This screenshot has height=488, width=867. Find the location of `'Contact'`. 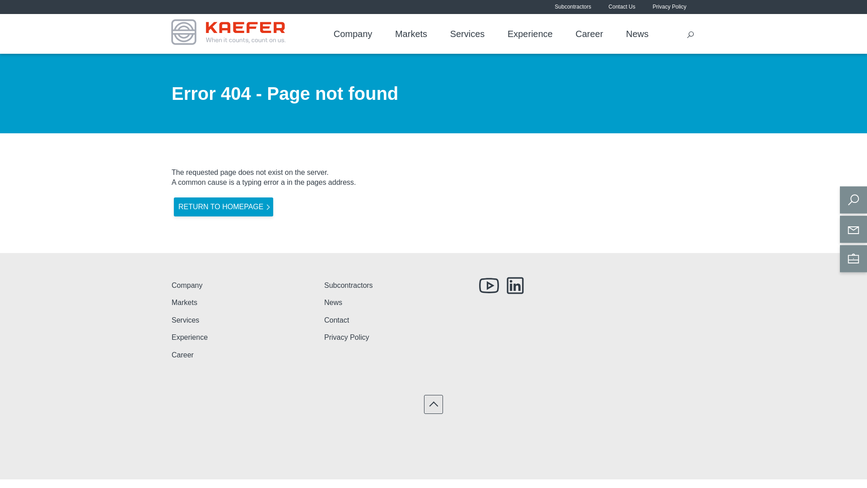

'Contact' is located at coordinates (324, 320).